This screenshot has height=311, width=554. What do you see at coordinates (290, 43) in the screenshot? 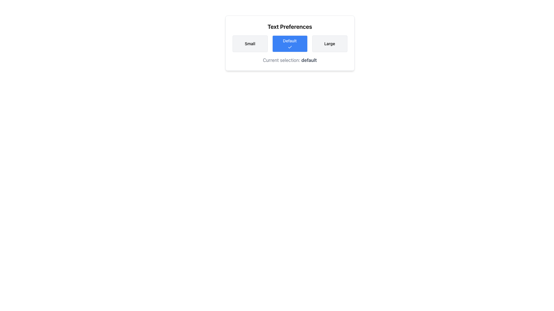
I see `the blue 'Default' button located in the 'Text Preferences' section` at bounding box center [290, 43].